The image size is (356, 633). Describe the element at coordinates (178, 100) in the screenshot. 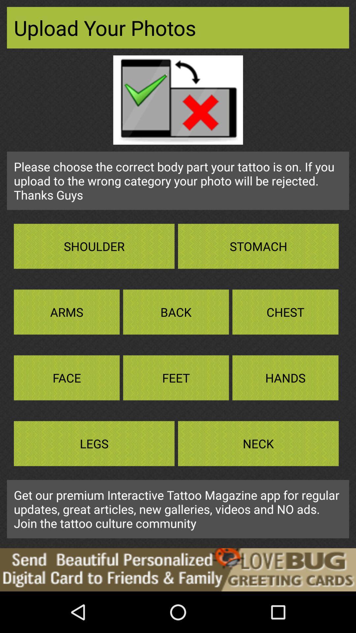

I see `the image shown at top below upload` at that location.